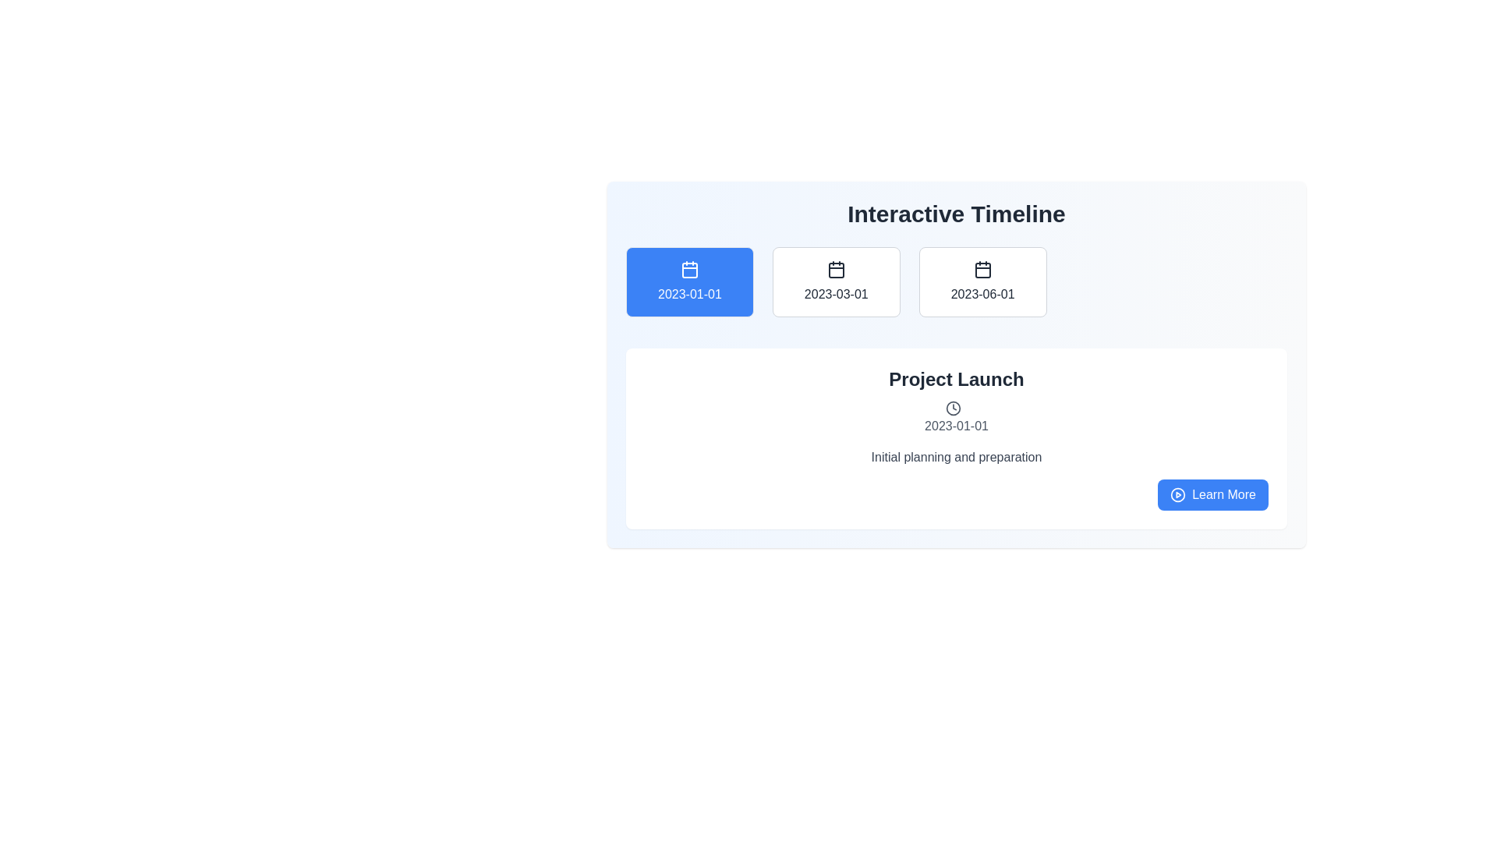  I want to click on the calendar icon representing the date, which is the second icon in a row of three near the text '2023-03-01', so click(835, 269).